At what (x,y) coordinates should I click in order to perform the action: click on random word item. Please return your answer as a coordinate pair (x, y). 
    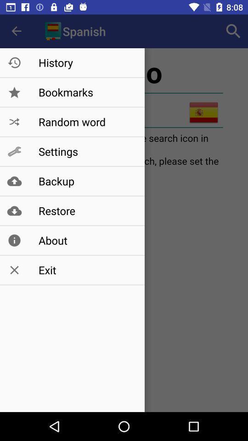
    Looking at the image, I should click on (87, 121).